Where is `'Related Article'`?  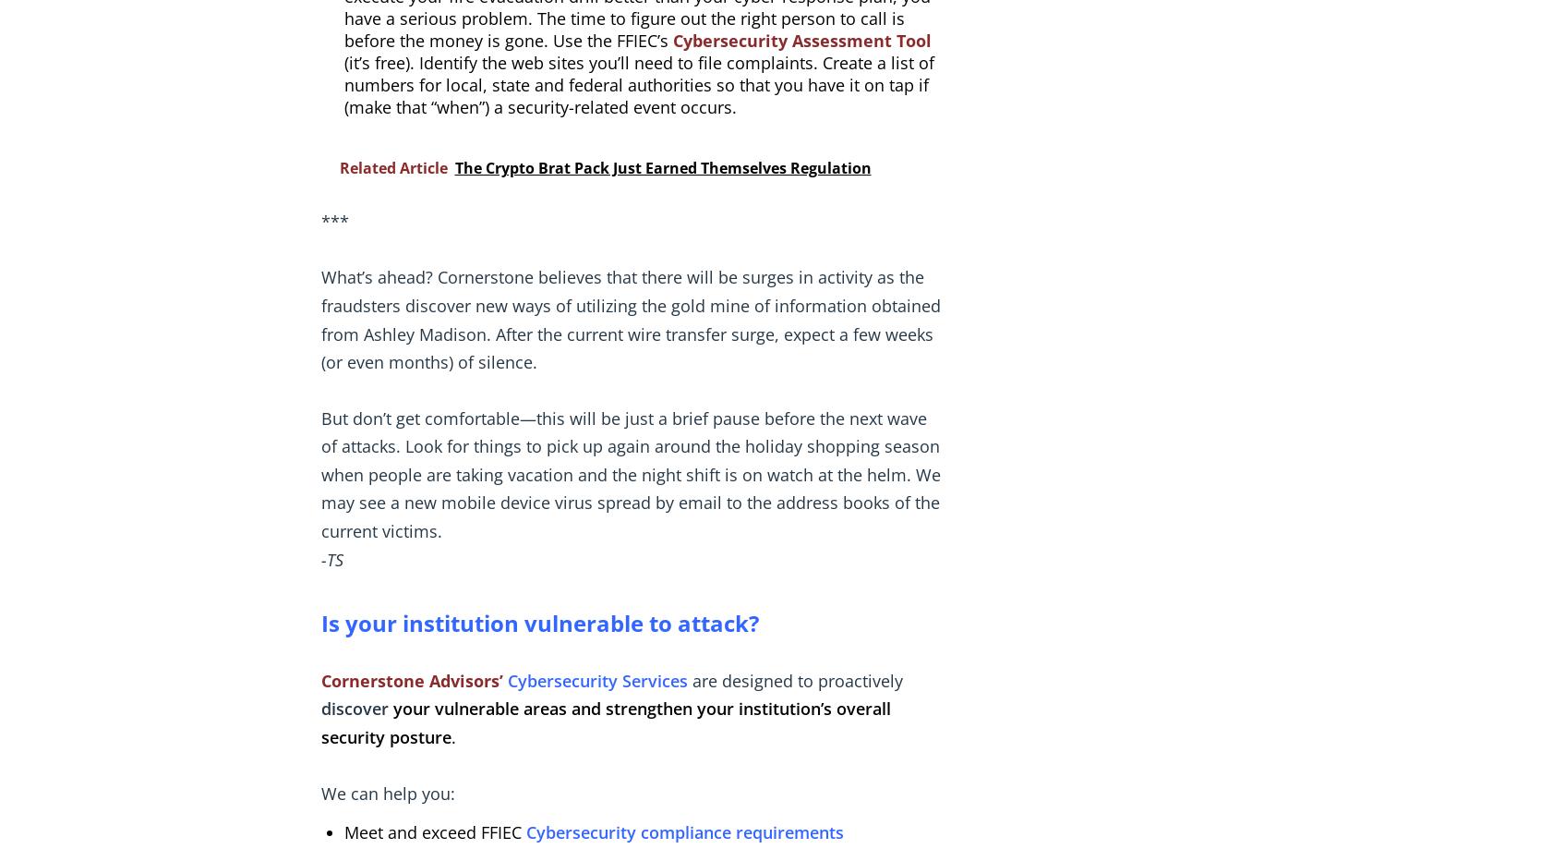 'Related Article' is located at coordinates (392, 166).